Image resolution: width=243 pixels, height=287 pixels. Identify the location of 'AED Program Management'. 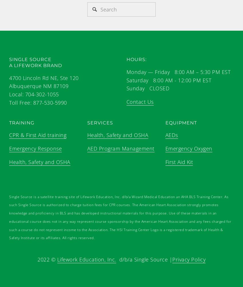
(120, 148).